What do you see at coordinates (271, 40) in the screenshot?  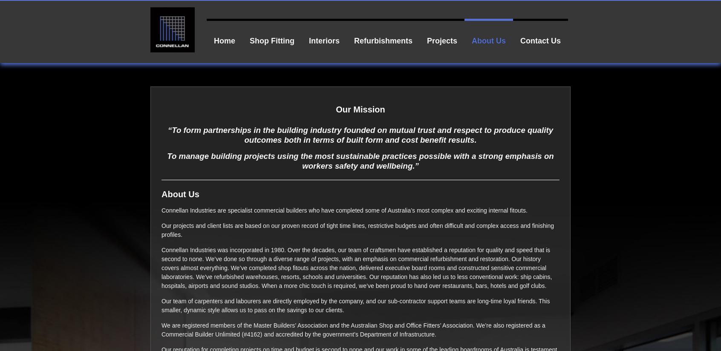 I see `'Shop Fitting'` at bounding box center [271, 40].